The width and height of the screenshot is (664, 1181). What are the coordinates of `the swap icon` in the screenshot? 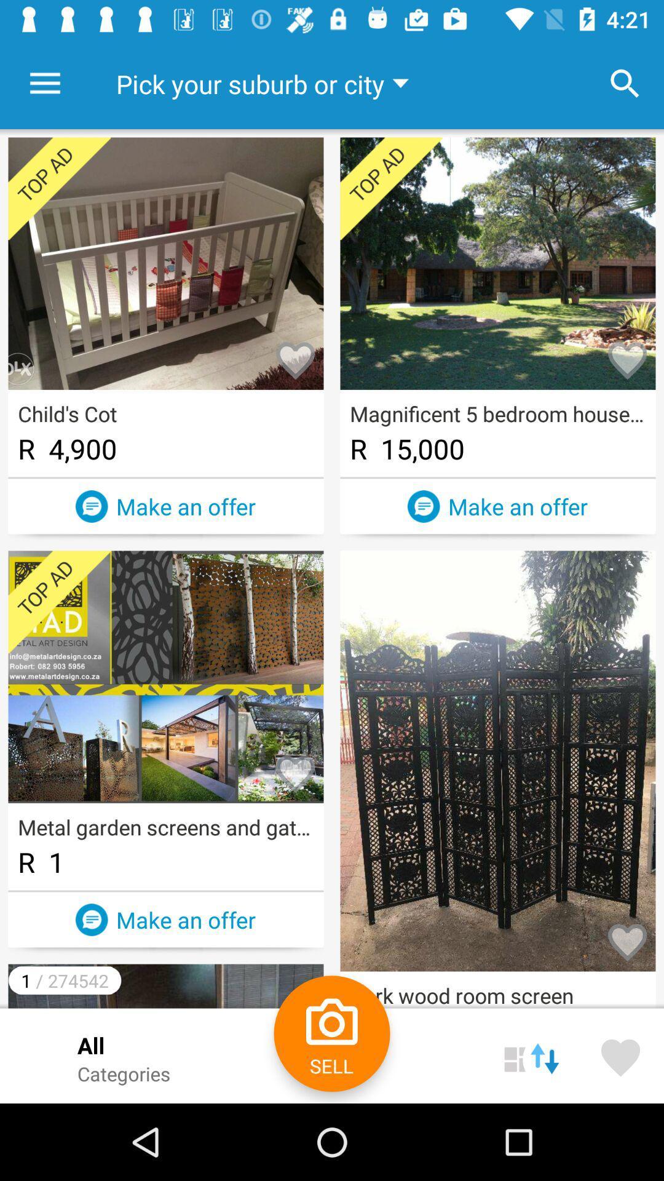 It's located at (531, 1055).